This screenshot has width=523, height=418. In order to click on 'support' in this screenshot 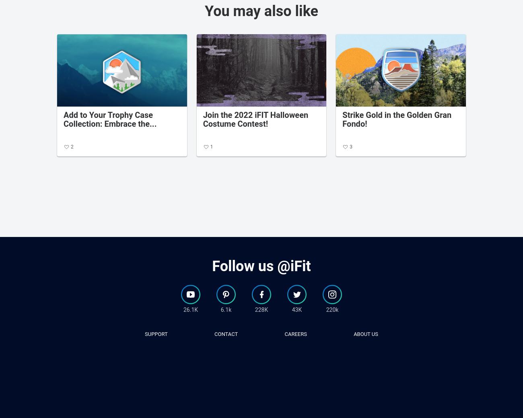, I will do `click(156, 333)`.